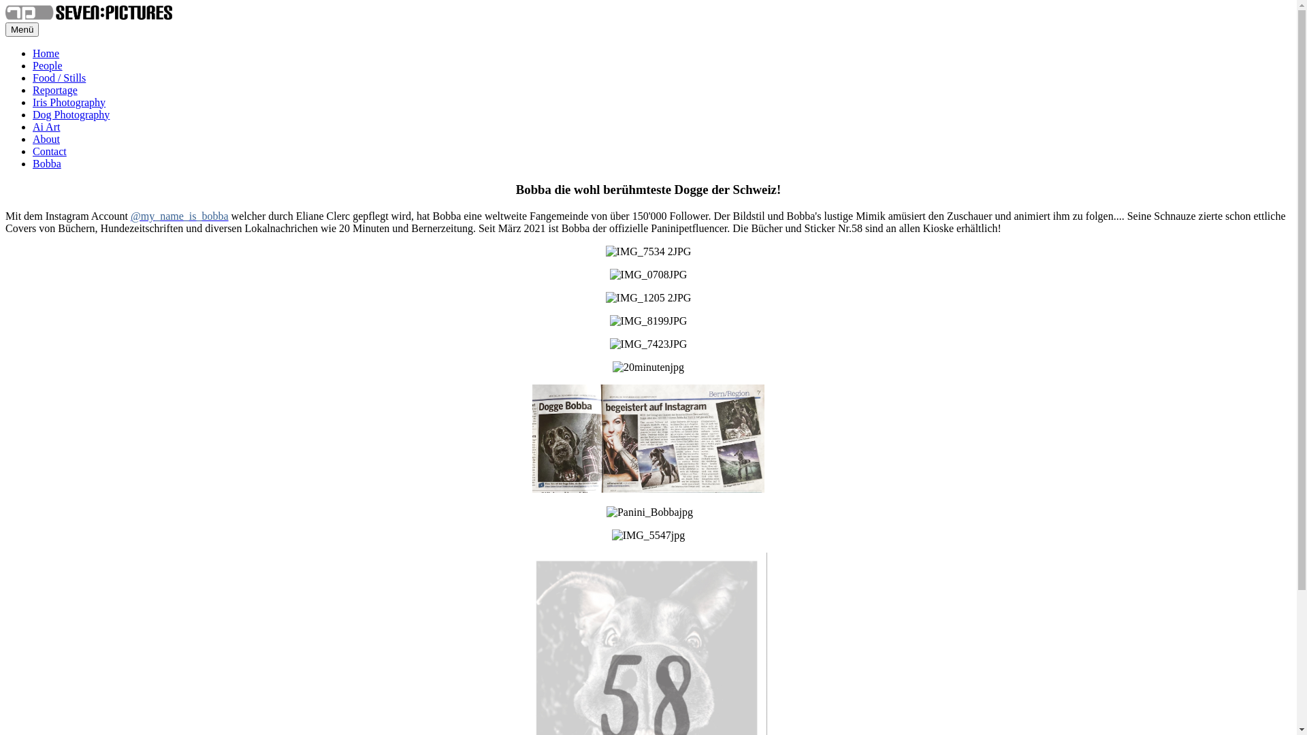 The image size is (1307, 735). What do you see at coordinates (33, 52) in the screenshot?
I see `'Home'` at bounding box center [33, 52].